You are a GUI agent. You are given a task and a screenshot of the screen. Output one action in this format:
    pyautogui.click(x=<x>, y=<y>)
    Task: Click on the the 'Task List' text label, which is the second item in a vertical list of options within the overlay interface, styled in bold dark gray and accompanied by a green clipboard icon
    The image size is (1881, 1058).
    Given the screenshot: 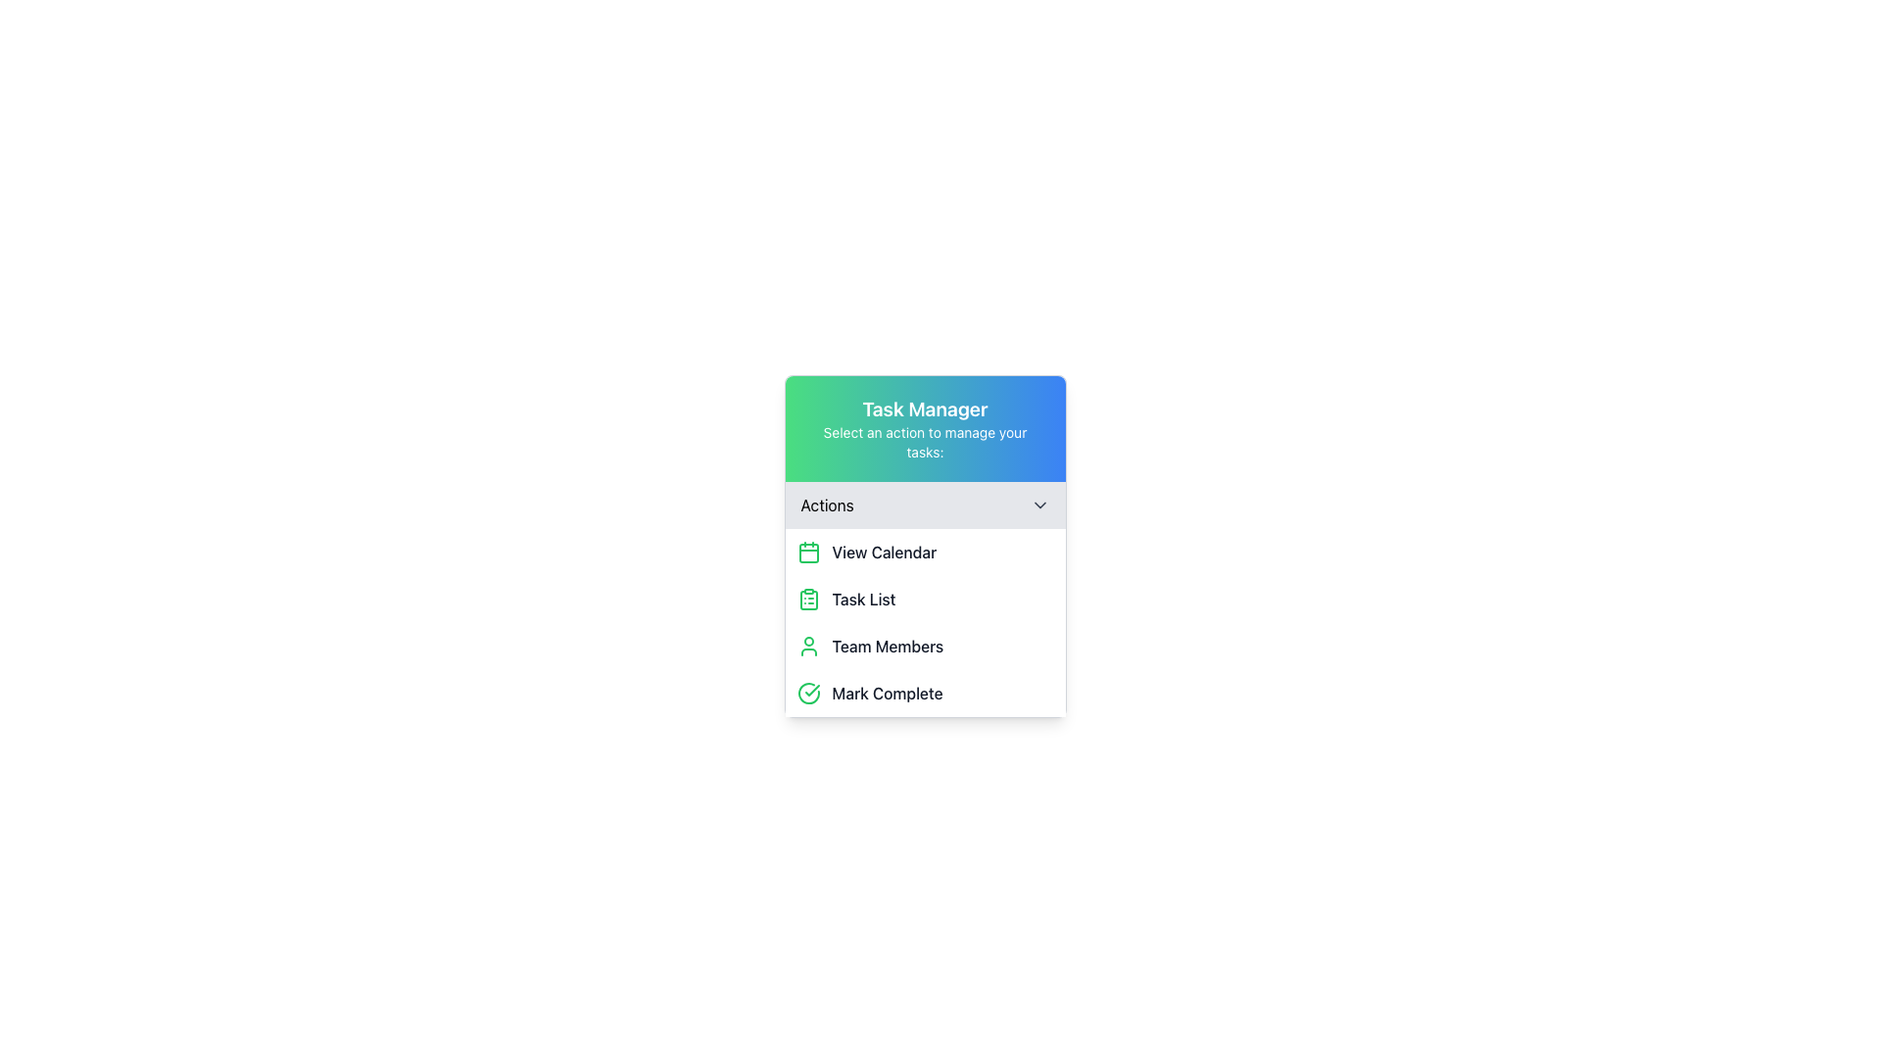 What is the action you would take?
    pyautogui.click(x=862, y=599)
    